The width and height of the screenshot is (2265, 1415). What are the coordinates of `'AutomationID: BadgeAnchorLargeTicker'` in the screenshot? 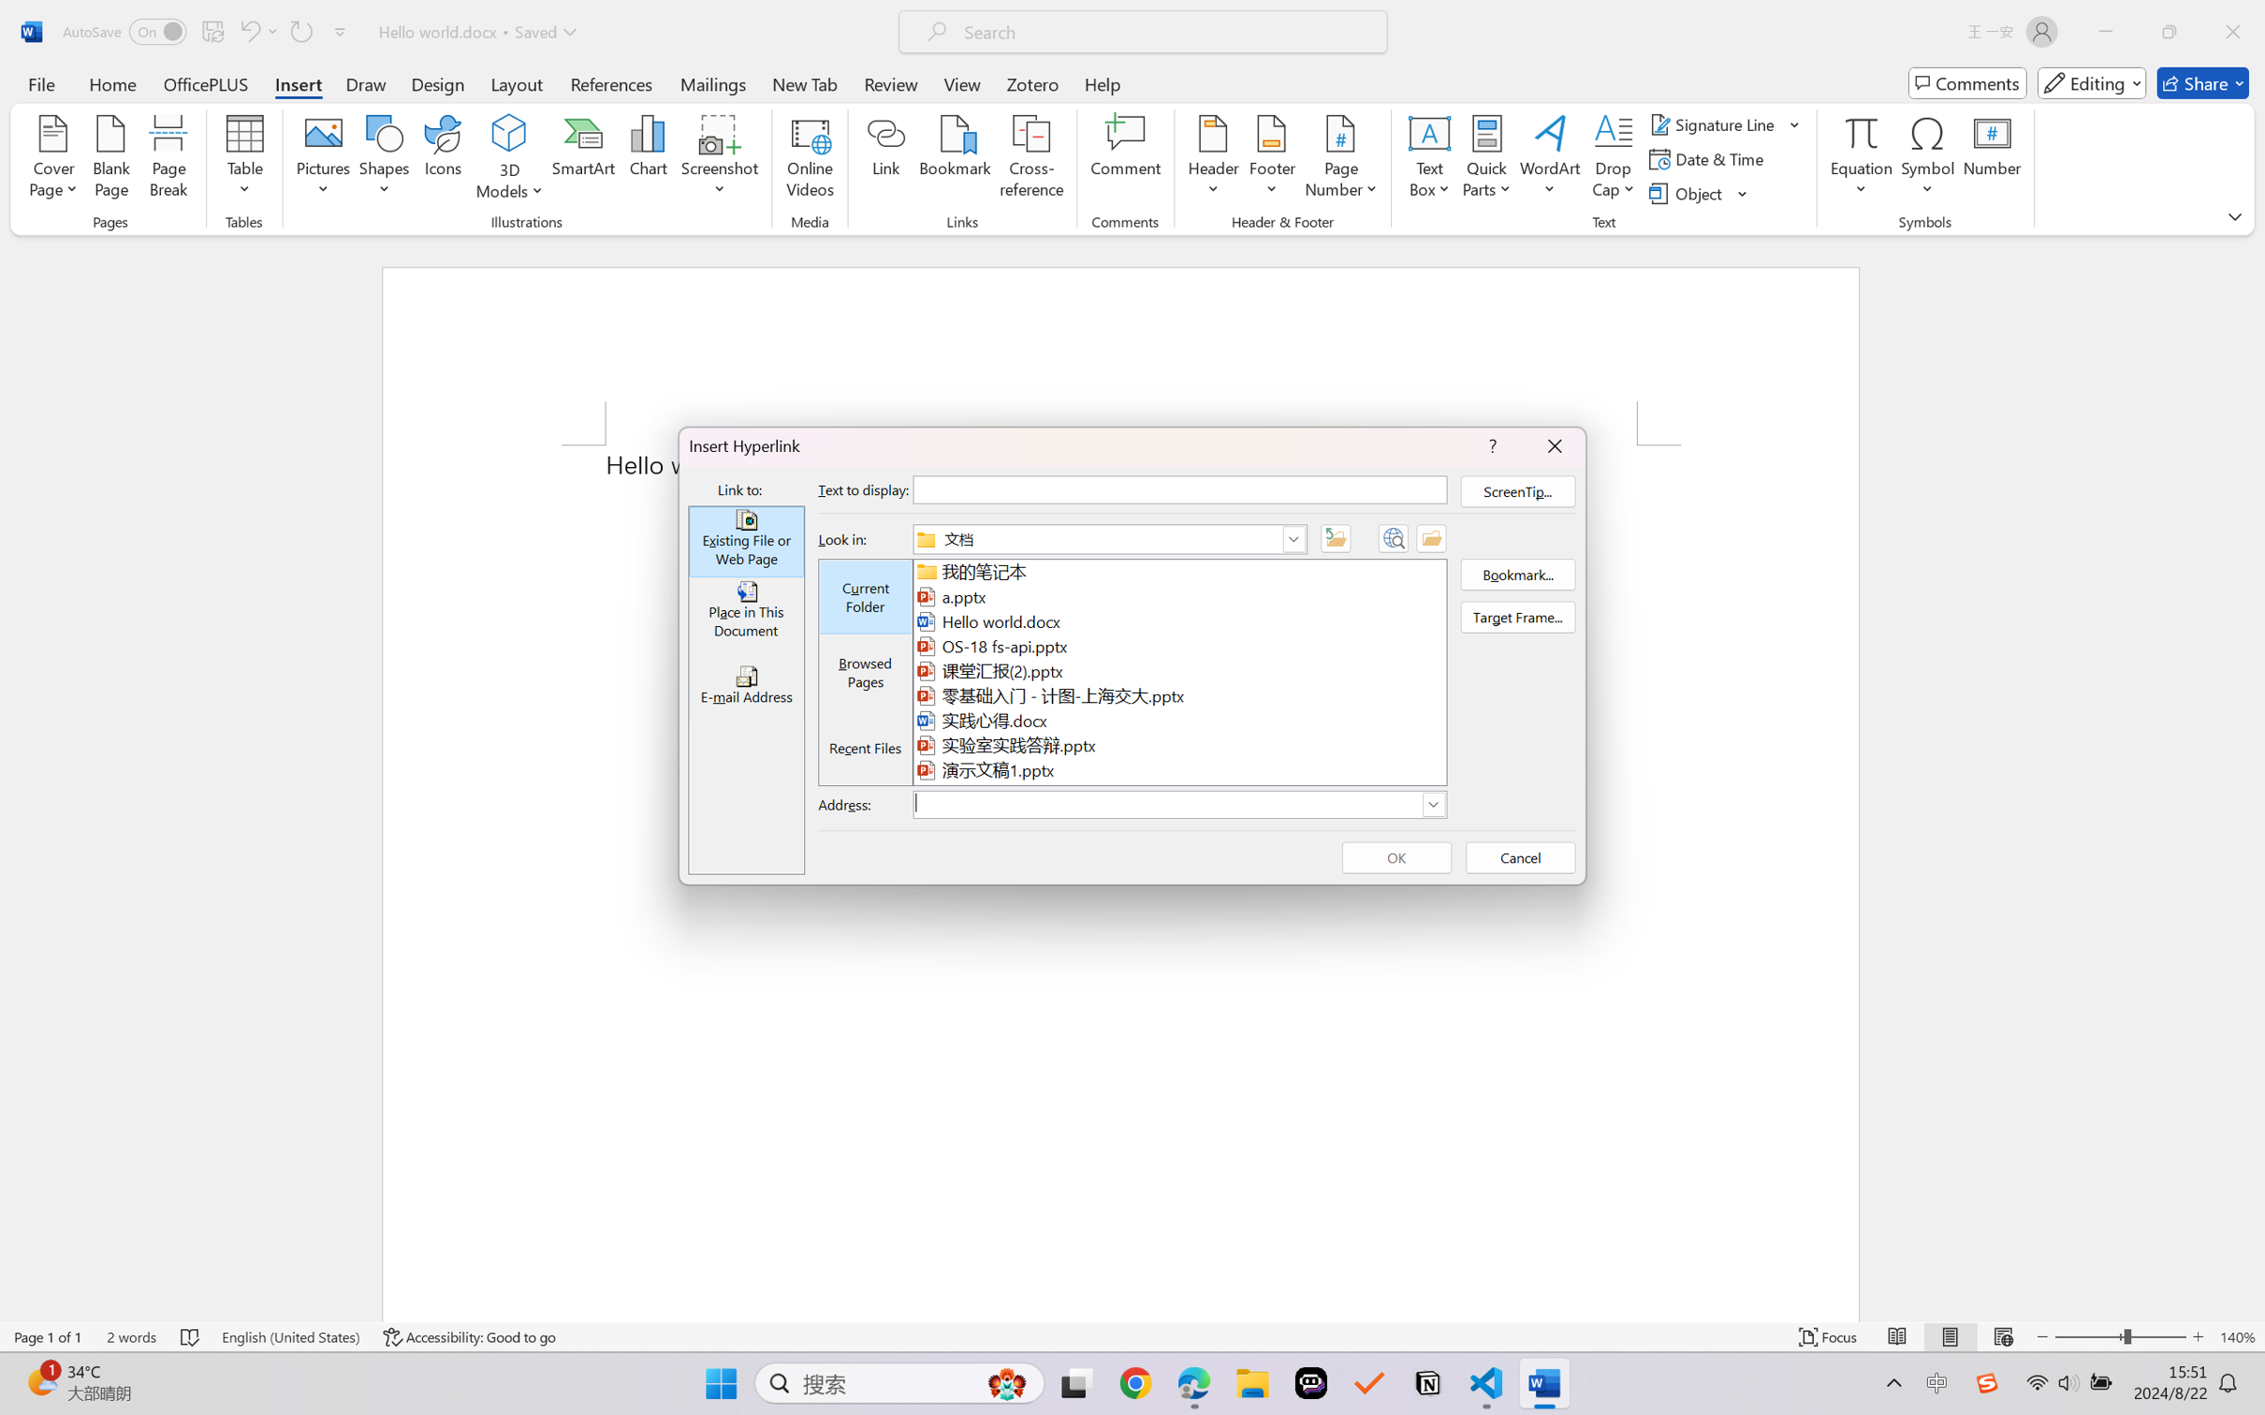 It's located at (40, 1381).